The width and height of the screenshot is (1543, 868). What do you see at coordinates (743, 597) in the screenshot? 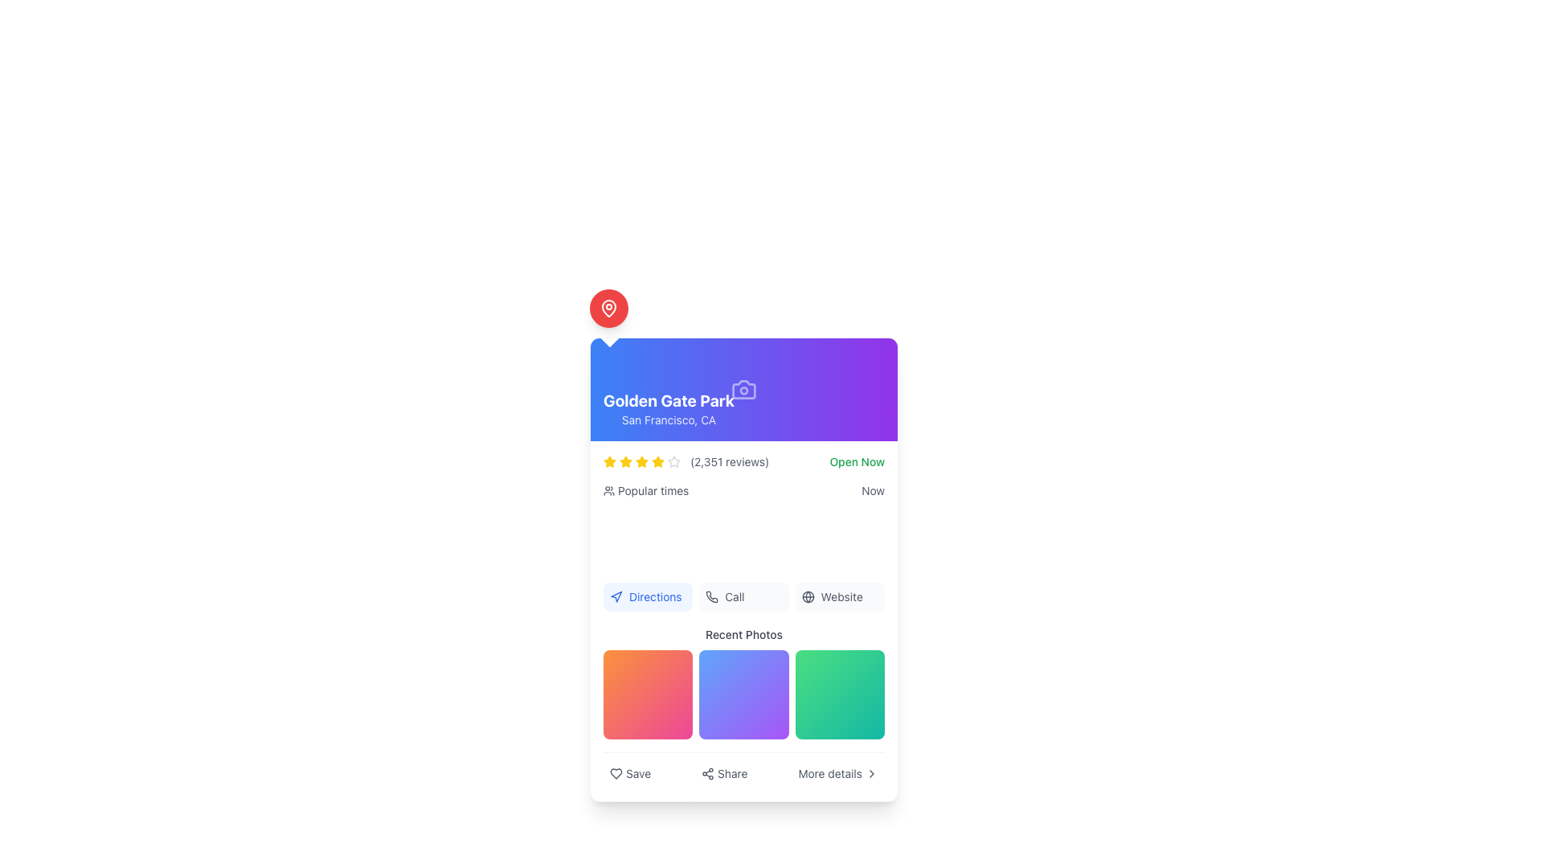
I see `the phone call button, which is the second button in a horizontal group of three buttons, to provide visual feedback` at bounding box center [743, 597].